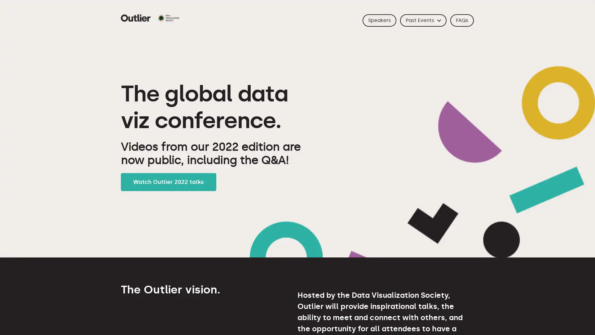 This screenshot has width=595, height=335. I want to click on Watch Outlier 2022 talks, so click(168, 181).